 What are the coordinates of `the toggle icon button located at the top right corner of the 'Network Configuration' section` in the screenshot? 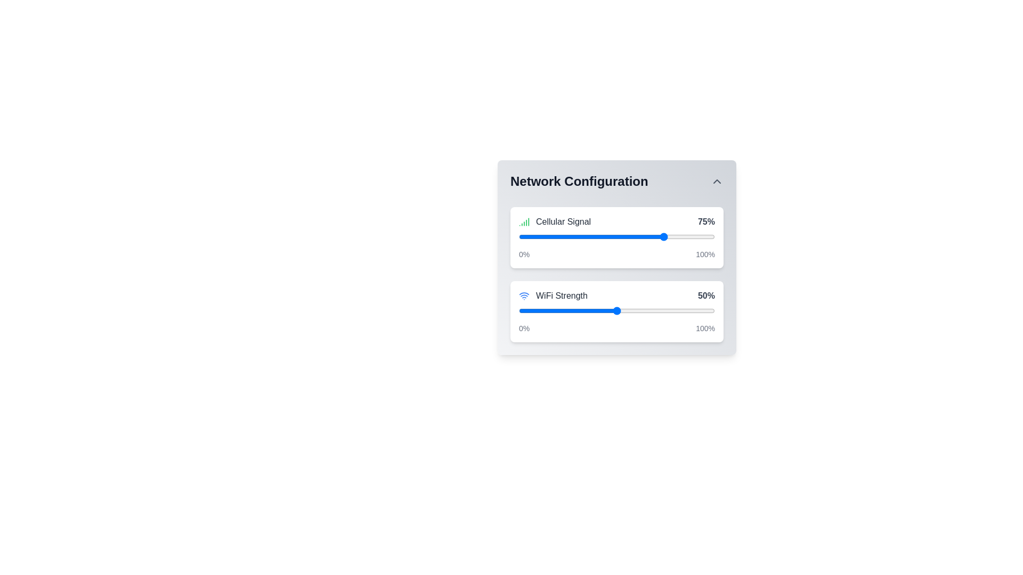 It's located at (717, 180).